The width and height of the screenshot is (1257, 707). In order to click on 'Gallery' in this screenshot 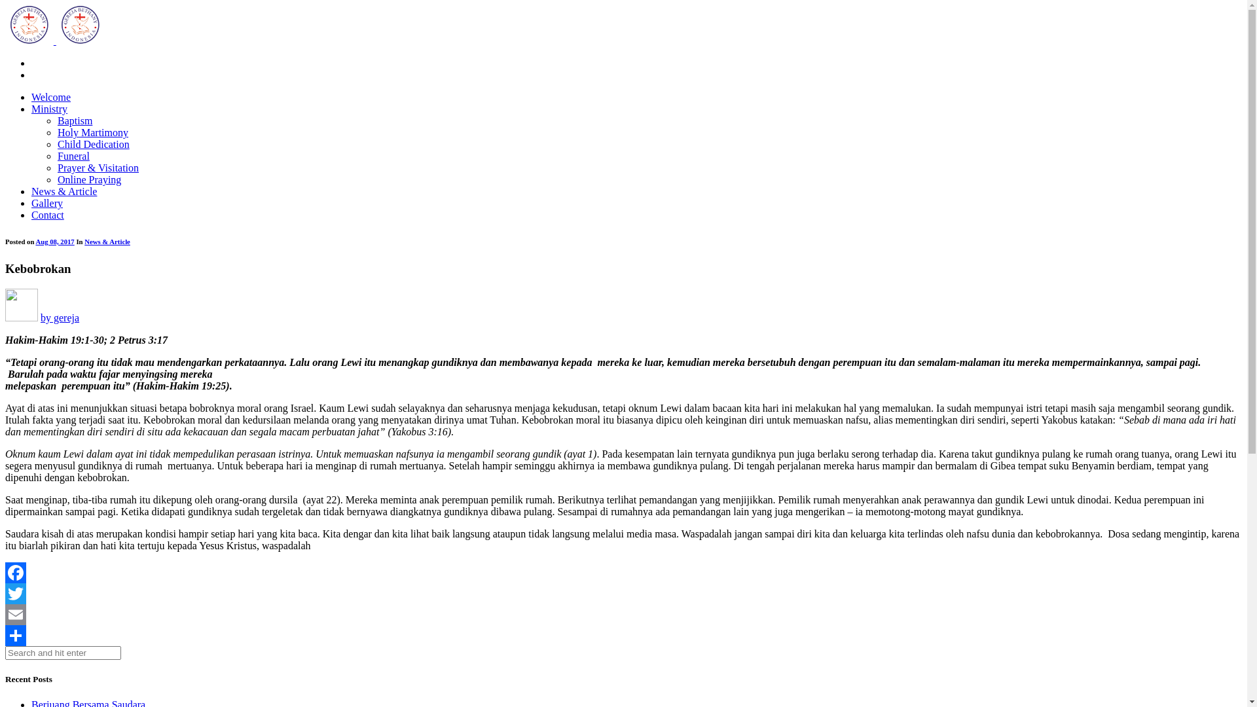, I will do `click(47, 203)`.